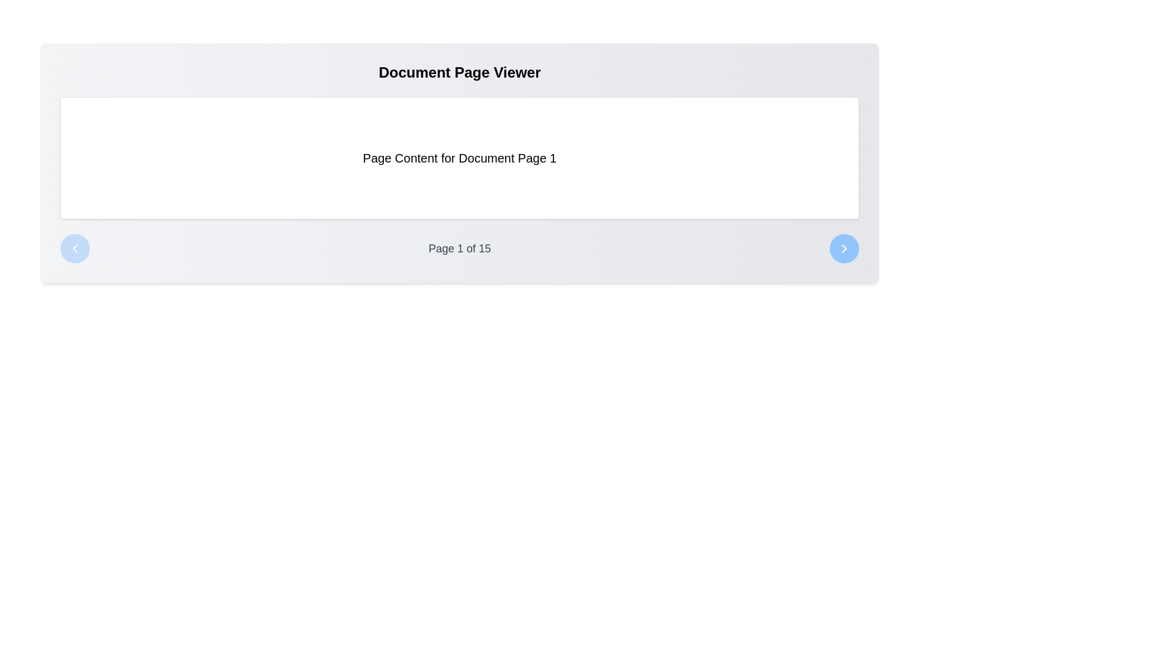  What do you see at coordinates (459, 157) in the screenshot?
I see `the text label indicating 'Document Page 1' to select the text` at bounding box center [459, 157].